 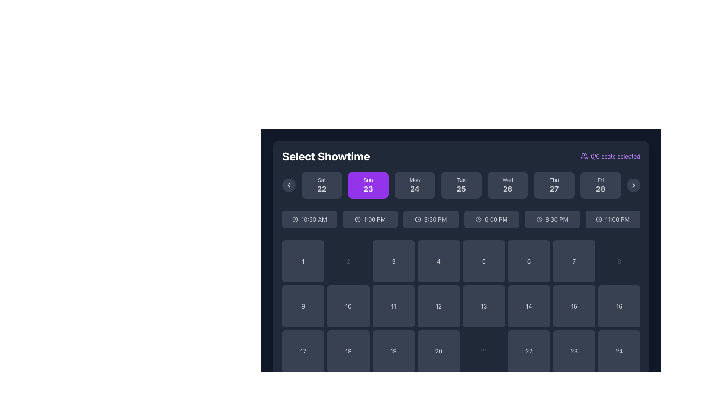 What do you see at coordinates (438, 306) in the screenshot?
I see `the selectable option representing the number '12' in the second row, fourth column of the grid layout` at bounding box center [438, 306].